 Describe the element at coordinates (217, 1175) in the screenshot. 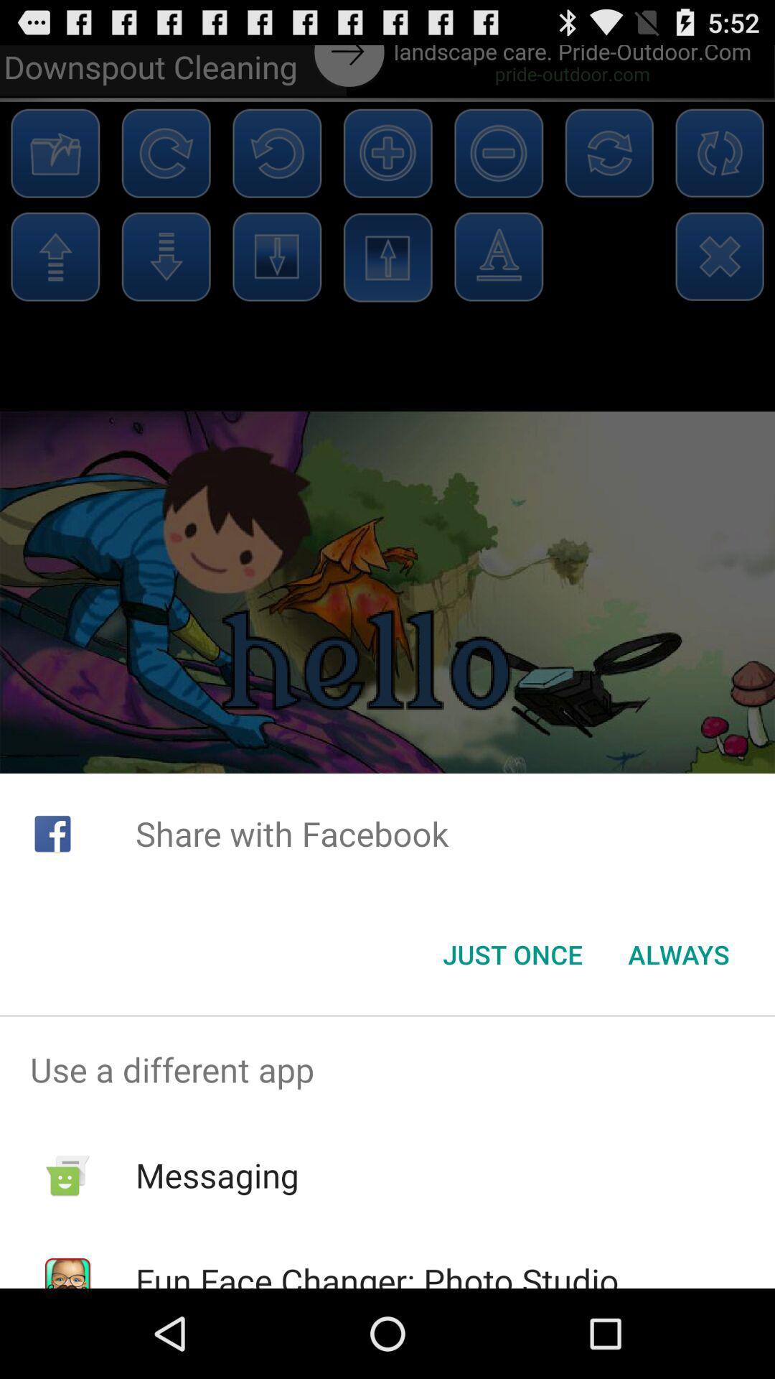

I see `icon below use a different item` at that location.